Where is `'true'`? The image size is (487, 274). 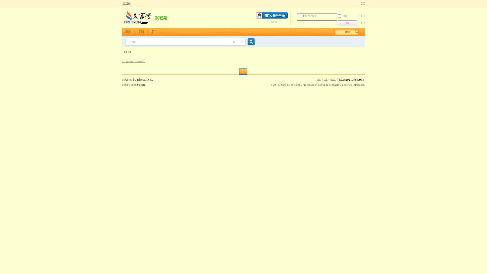 'true' is located at coordinates (249, 42).